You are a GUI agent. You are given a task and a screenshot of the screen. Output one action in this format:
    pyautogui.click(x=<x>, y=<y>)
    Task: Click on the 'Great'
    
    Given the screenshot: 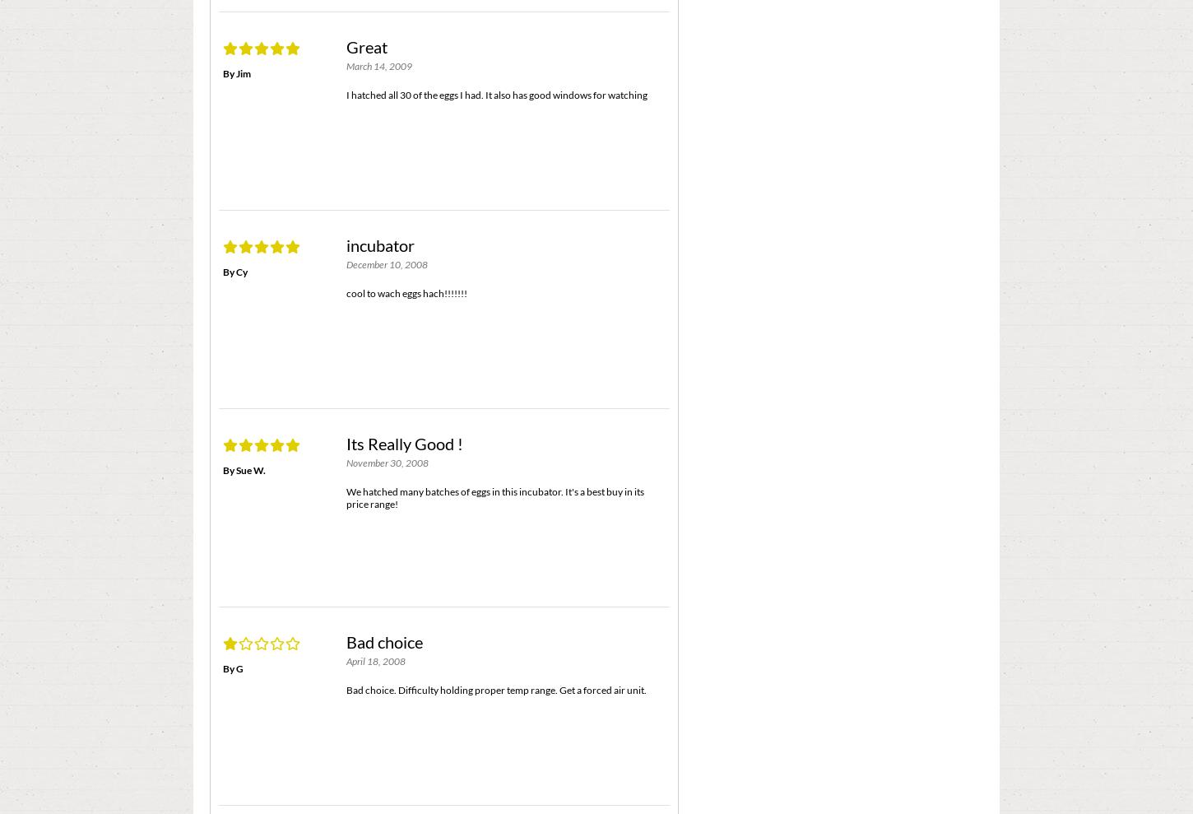 What is the action you would take?
    pyautogui.click(x=366, y=46)
    